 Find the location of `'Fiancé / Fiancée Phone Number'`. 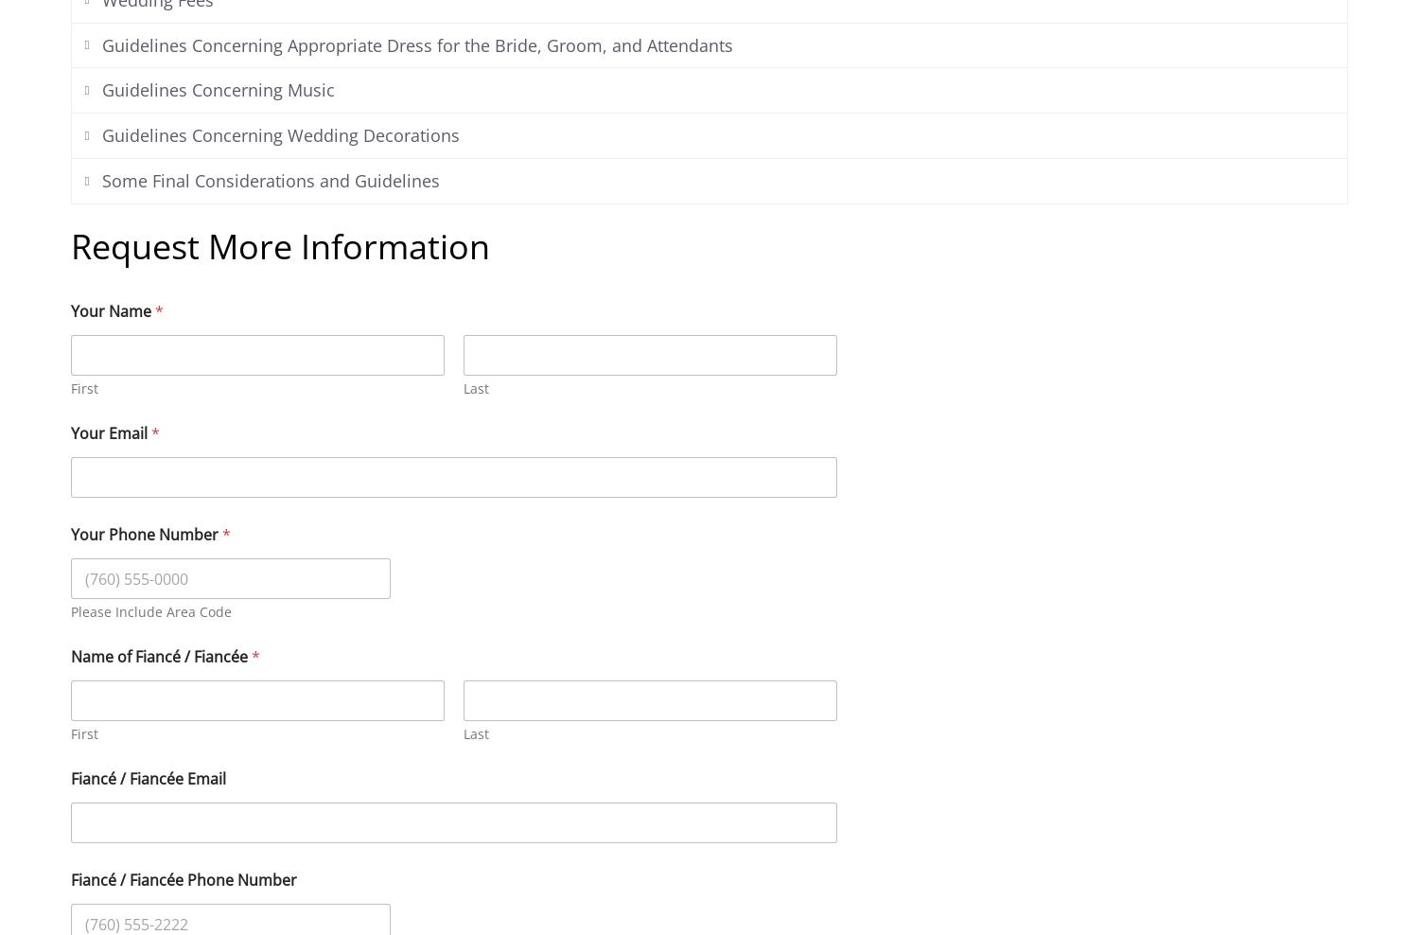

'Fiancé / Fiancée Phone Number' is located at coordinates (70, 880).